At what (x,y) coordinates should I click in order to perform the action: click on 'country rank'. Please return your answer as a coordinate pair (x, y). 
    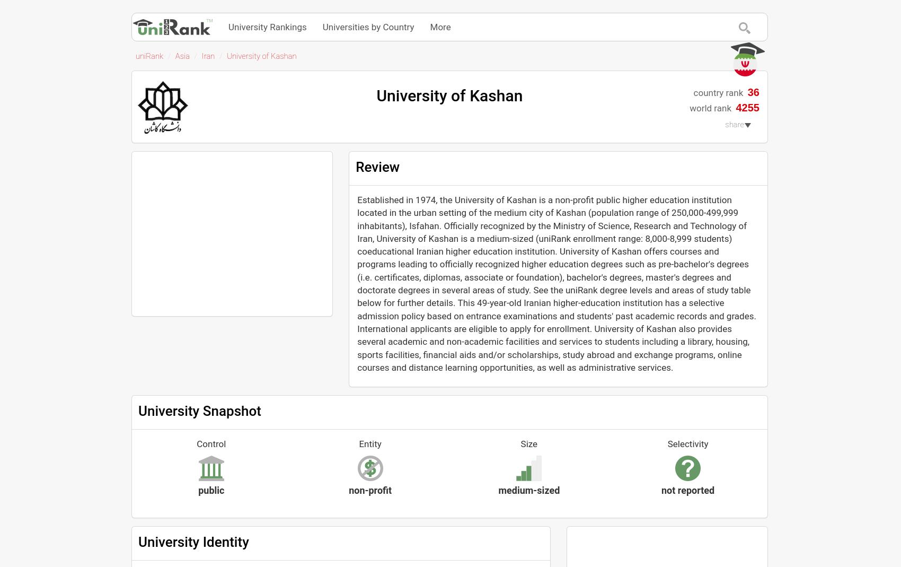
    Looking at the image, I should click on (720, 92).